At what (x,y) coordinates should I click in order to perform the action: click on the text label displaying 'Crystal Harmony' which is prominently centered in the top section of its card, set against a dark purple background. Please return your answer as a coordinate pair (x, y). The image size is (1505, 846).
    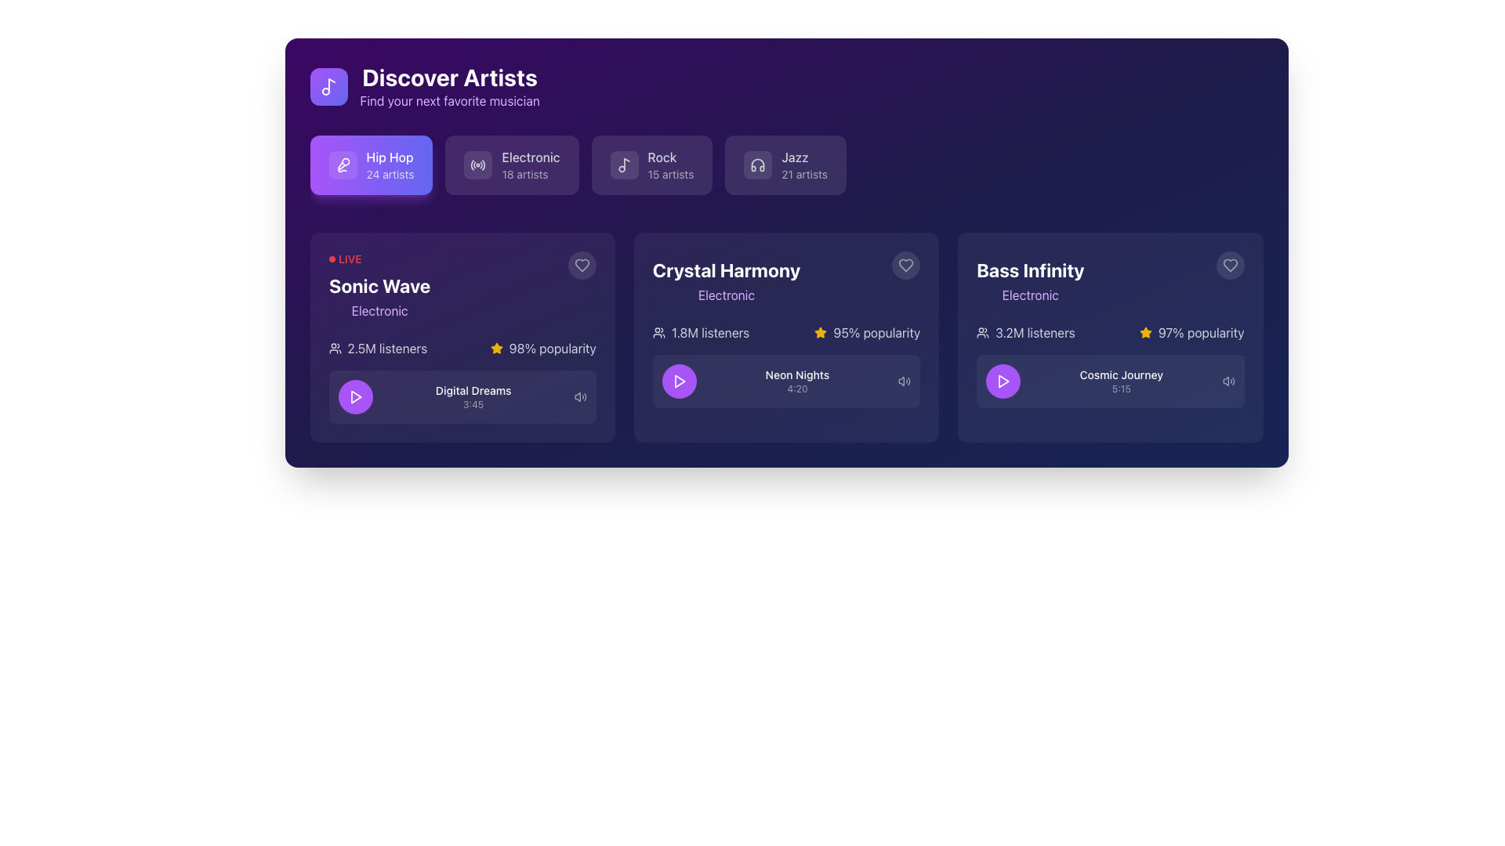
    Looking at the image, I should click on (725, 269).